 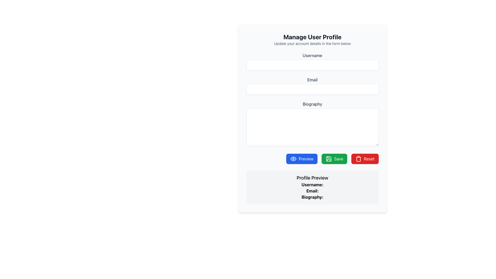 I want to click on the green 'Save' button with white text and a save icon, positioned between the blue 'Preview' button and the red 'Reset' button, so click(x=334, y=158).